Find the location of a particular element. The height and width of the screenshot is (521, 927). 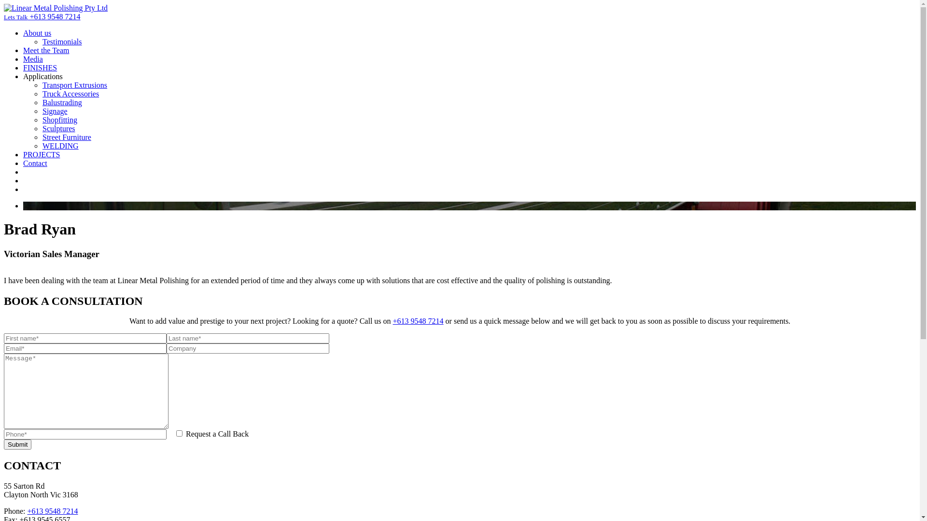

'Applications' is located at coordinates (42, 76).